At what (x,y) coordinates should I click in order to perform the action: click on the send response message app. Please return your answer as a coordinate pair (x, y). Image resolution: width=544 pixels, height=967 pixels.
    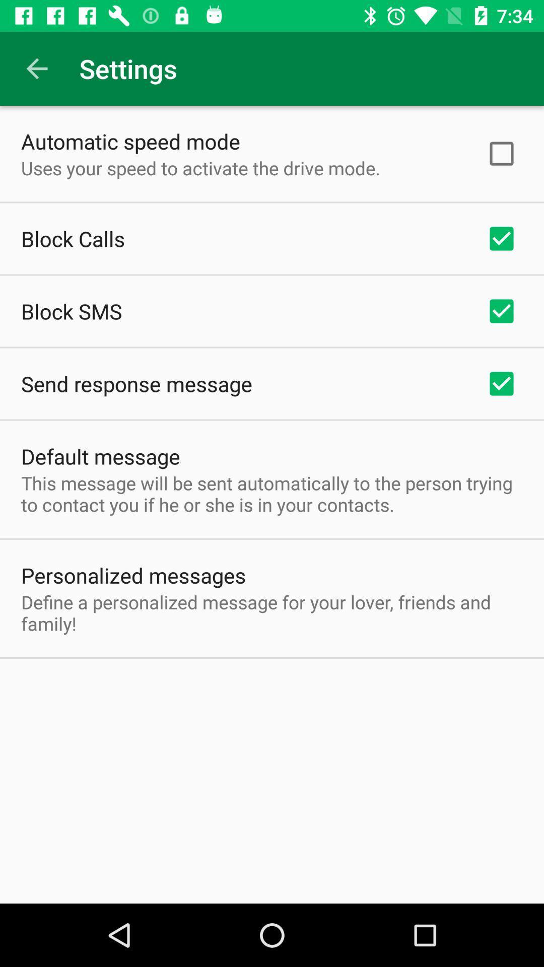
    Looking at the image, I should click on (137, 383).